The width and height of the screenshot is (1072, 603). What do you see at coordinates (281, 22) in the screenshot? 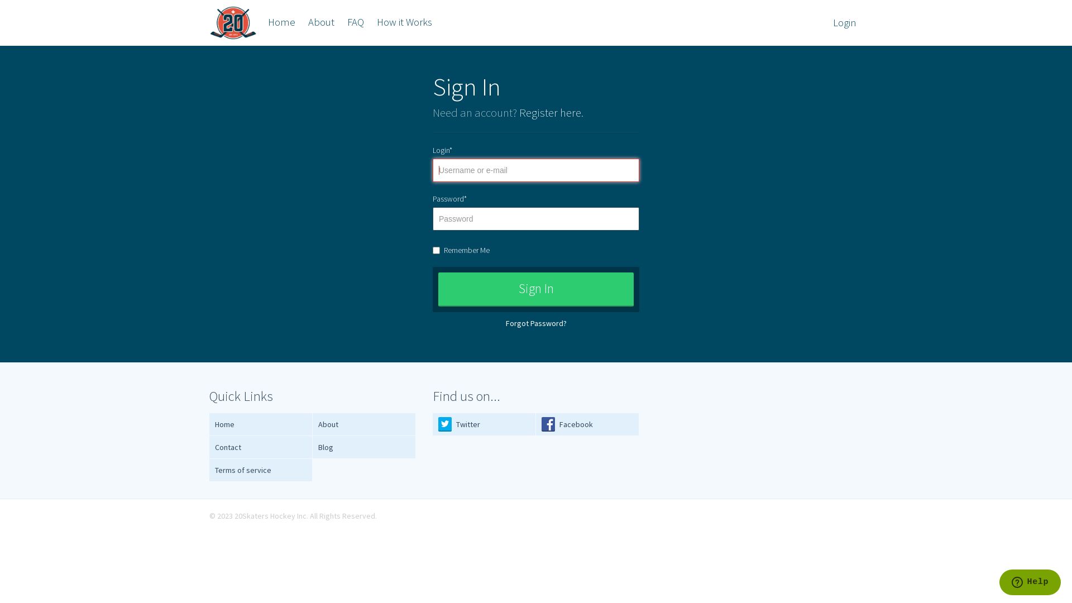
I see `'Home'` at bounding box center [281, 22].